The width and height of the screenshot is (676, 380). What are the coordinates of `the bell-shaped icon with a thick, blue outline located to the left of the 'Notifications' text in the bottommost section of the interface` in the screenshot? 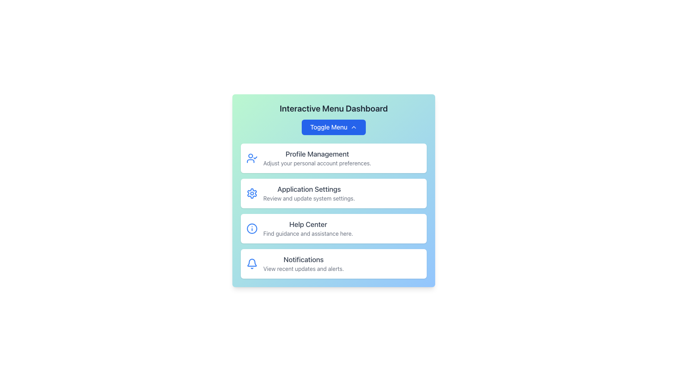 It's located at (252, 264).